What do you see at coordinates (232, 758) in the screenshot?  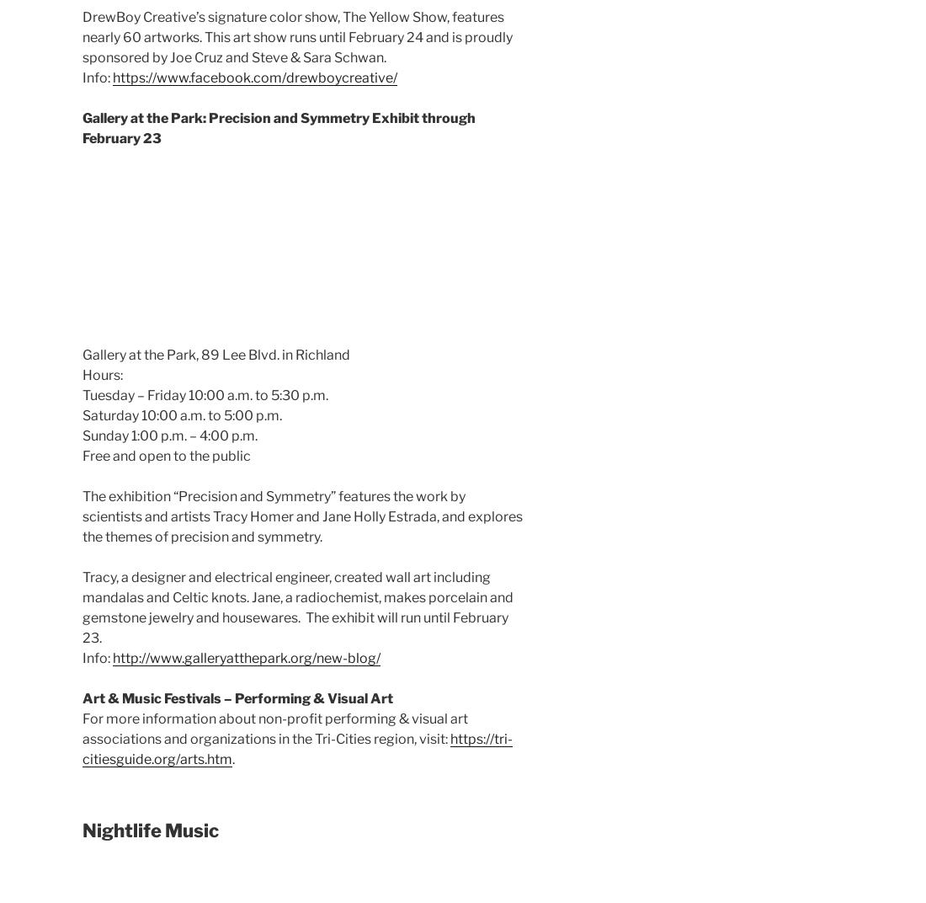 I see `'.'` at bounding box center [232, 758].